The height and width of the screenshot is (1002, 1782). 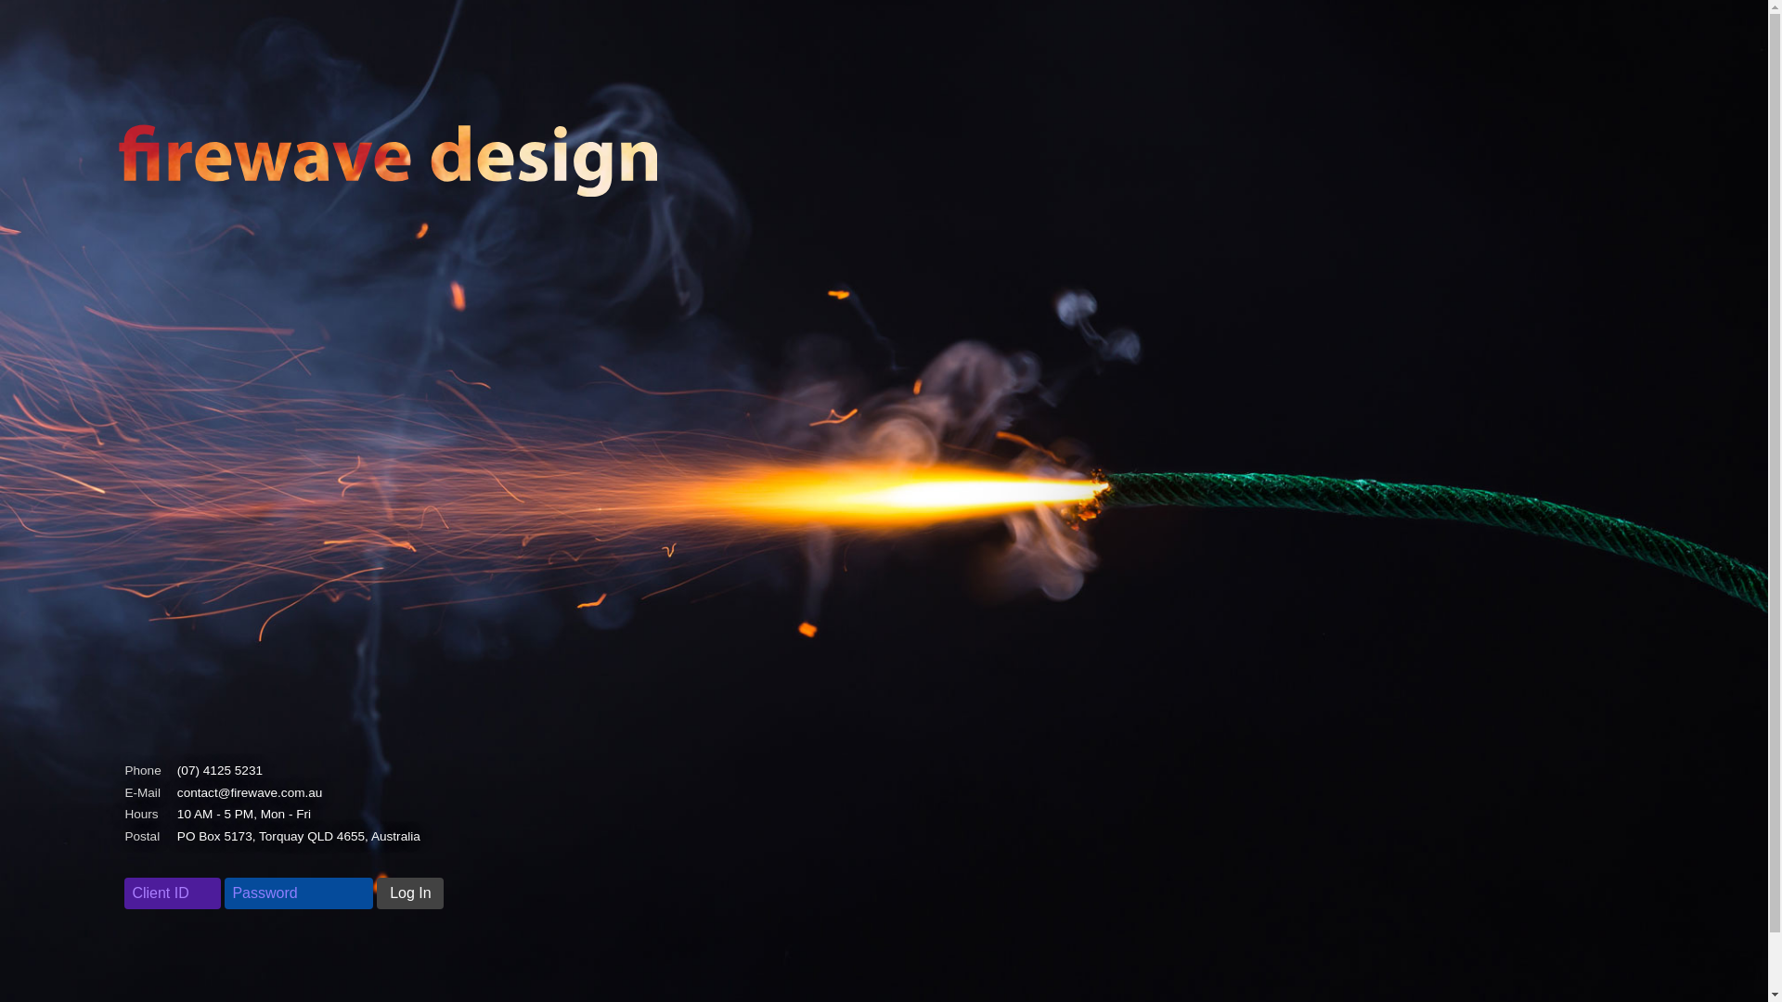 I want to click on '(07) 4125 5231', so click(x=177, y=770).